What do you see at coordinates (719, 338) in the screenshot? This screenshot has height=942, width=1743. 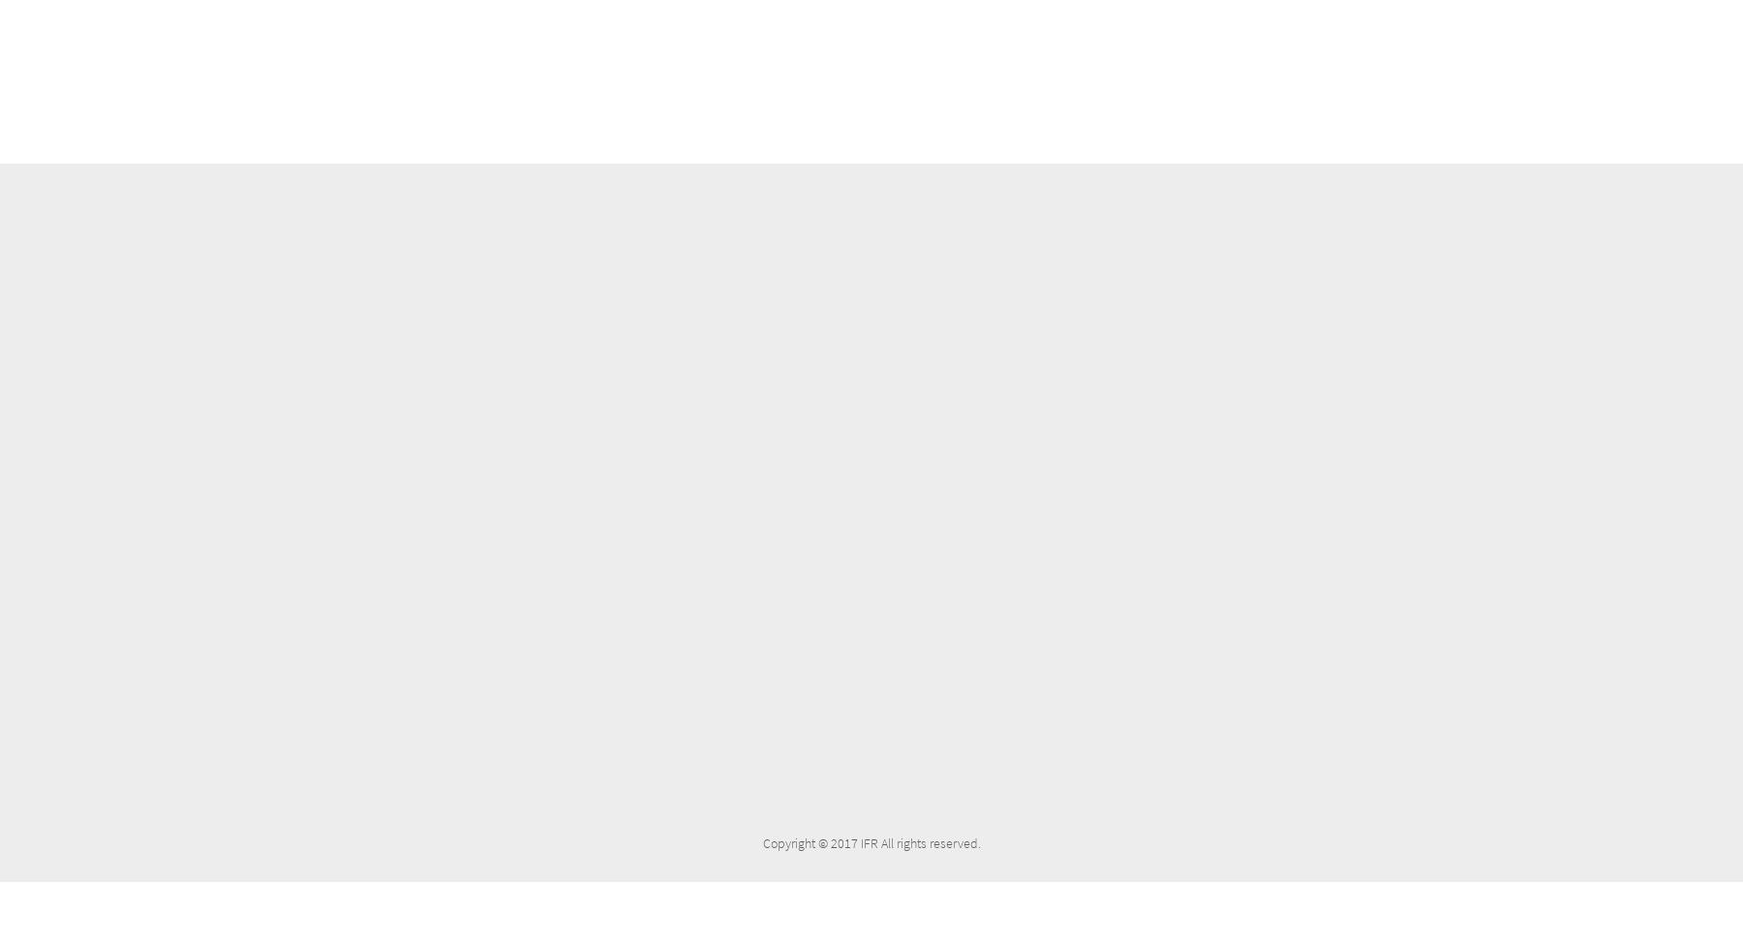 I see `'Dynamics 365 Lawyers: The management solution for the legal sector challenges.'` at bounding box center [719, 338].